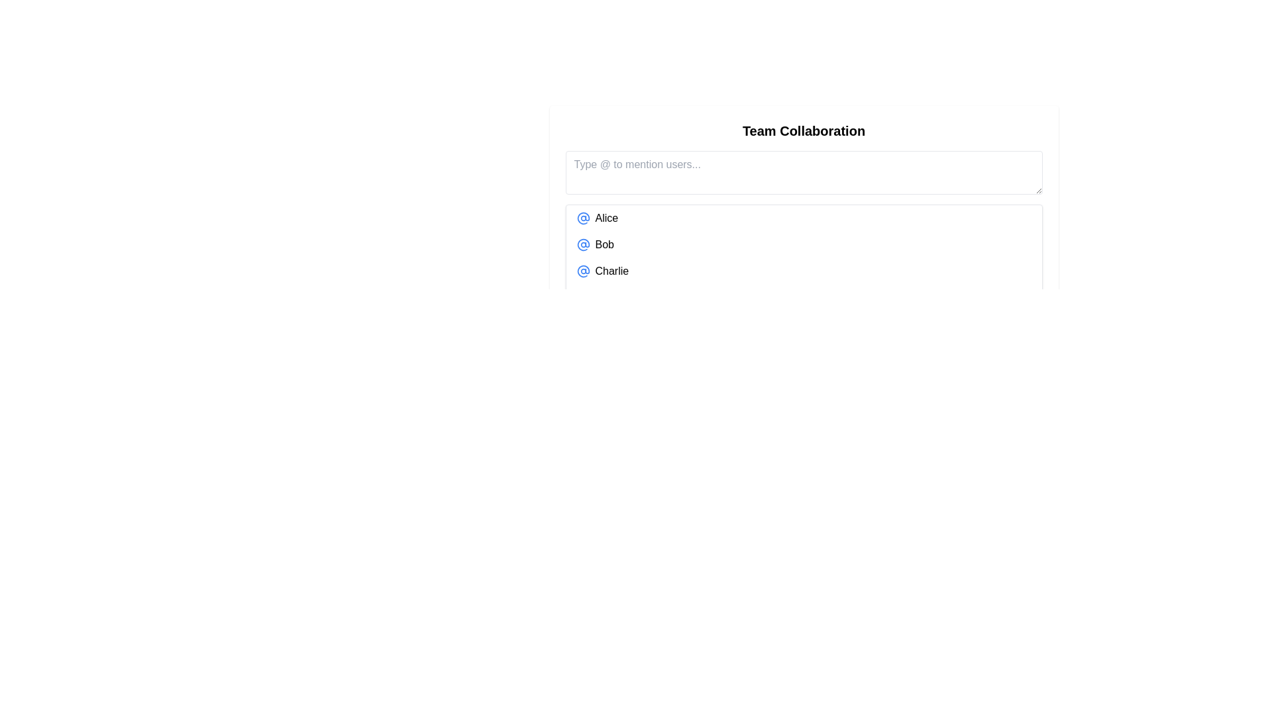  What do you see at coordinates (583, 218) in the screenshot?
I see `the '@' icon located in the row labeled 'Alice', which signifies the 'At mention' feature` at bounding box center [583, 218].